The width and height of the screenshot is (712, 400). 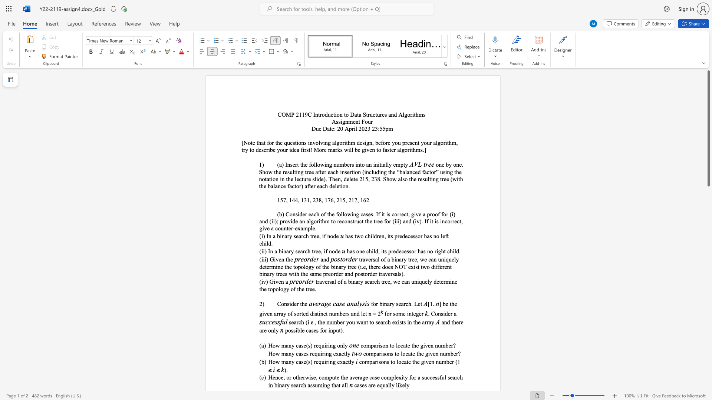 What do you see at coordinates (708, 311) in the screenshot?
I see `the scrollbar to move the content lower` at bounding box center [708, 311].